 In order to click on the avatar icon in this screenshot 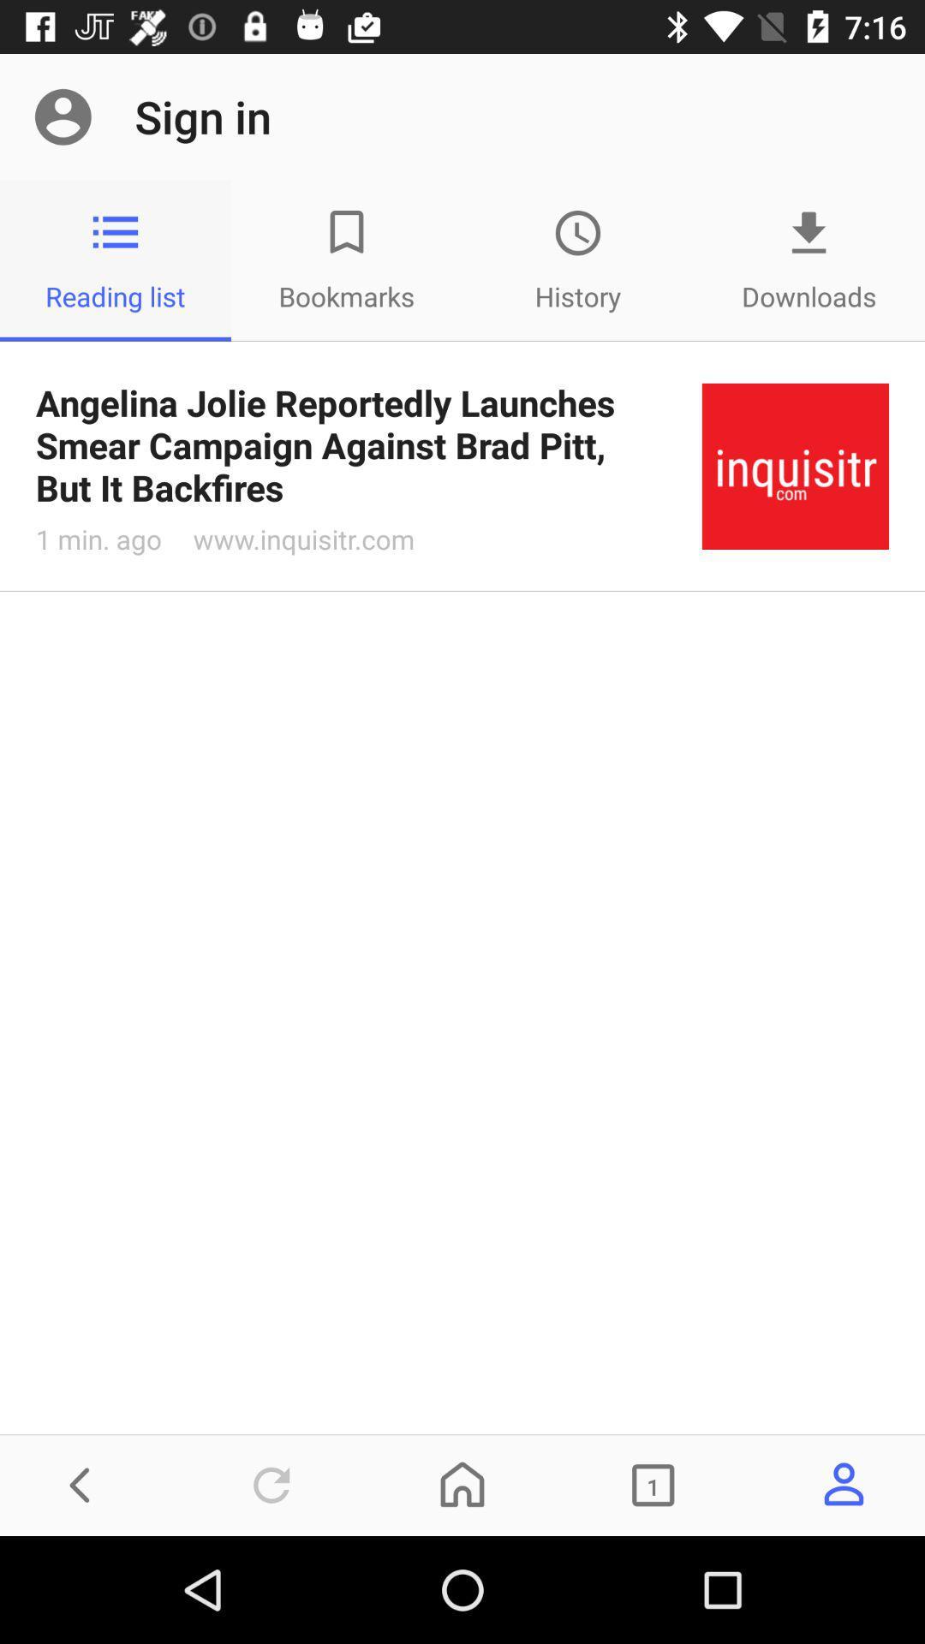, I will do `click(843, 1484)`.